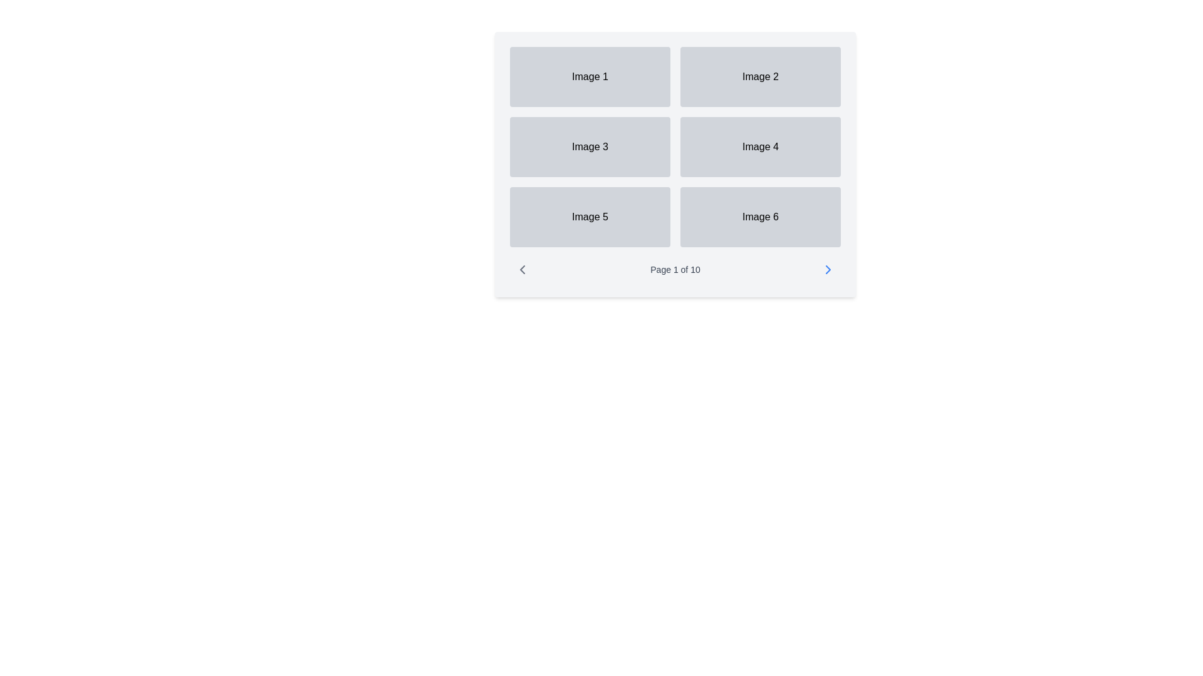 This screenshot has width=1203, height=676. I want to click on the blue right arrow icon on the pagination bar, so click(828, 269).